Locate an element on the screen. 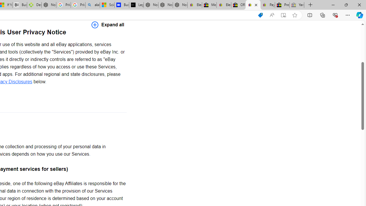 The image size is (366, 206). 'Yard, Garden & Outdoor Living - Sleeping' is located at coordinates (297, 5).